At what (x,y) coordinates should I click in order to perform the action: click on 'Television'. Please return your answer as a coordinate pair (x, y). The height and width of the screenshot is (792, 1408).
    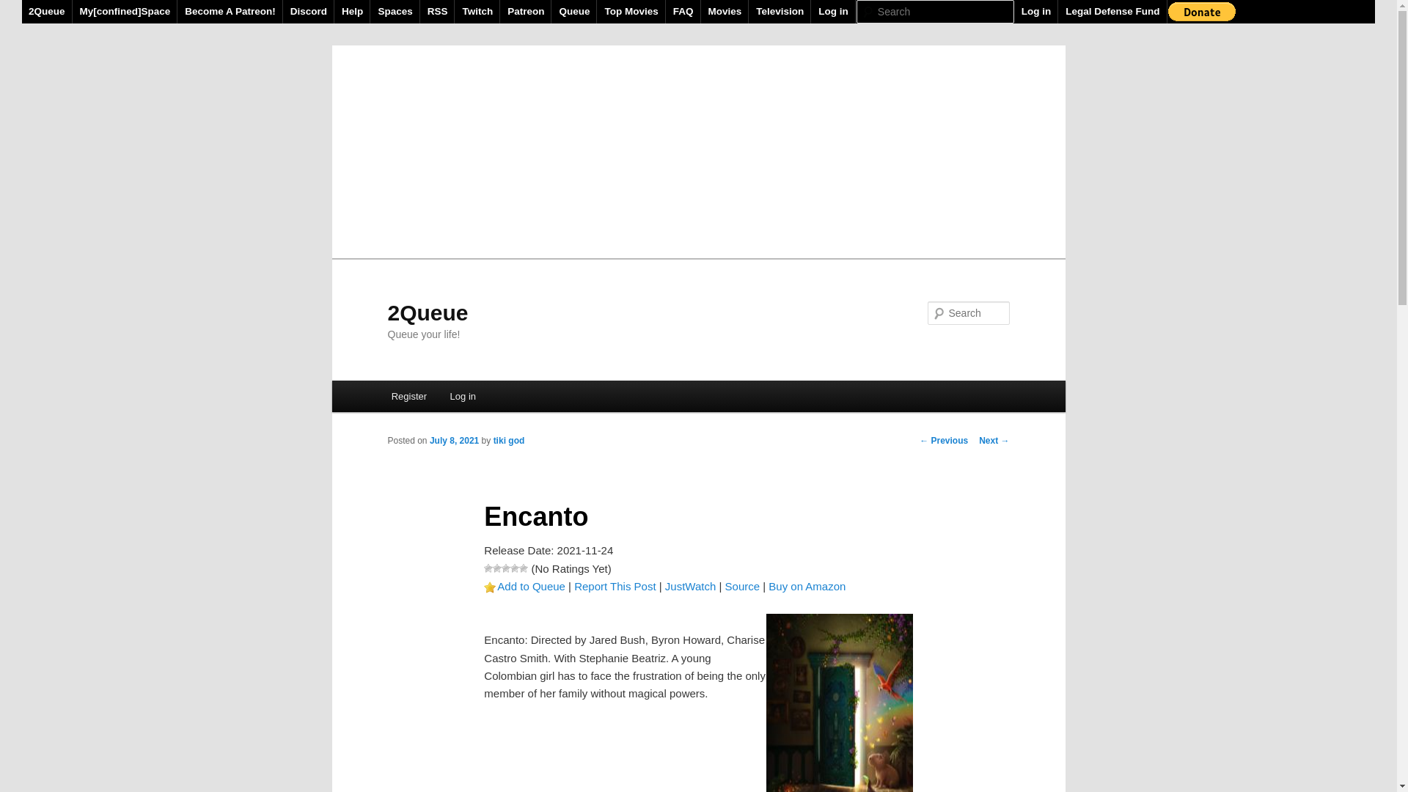
    Looking at the image, I should click on (780, 11).